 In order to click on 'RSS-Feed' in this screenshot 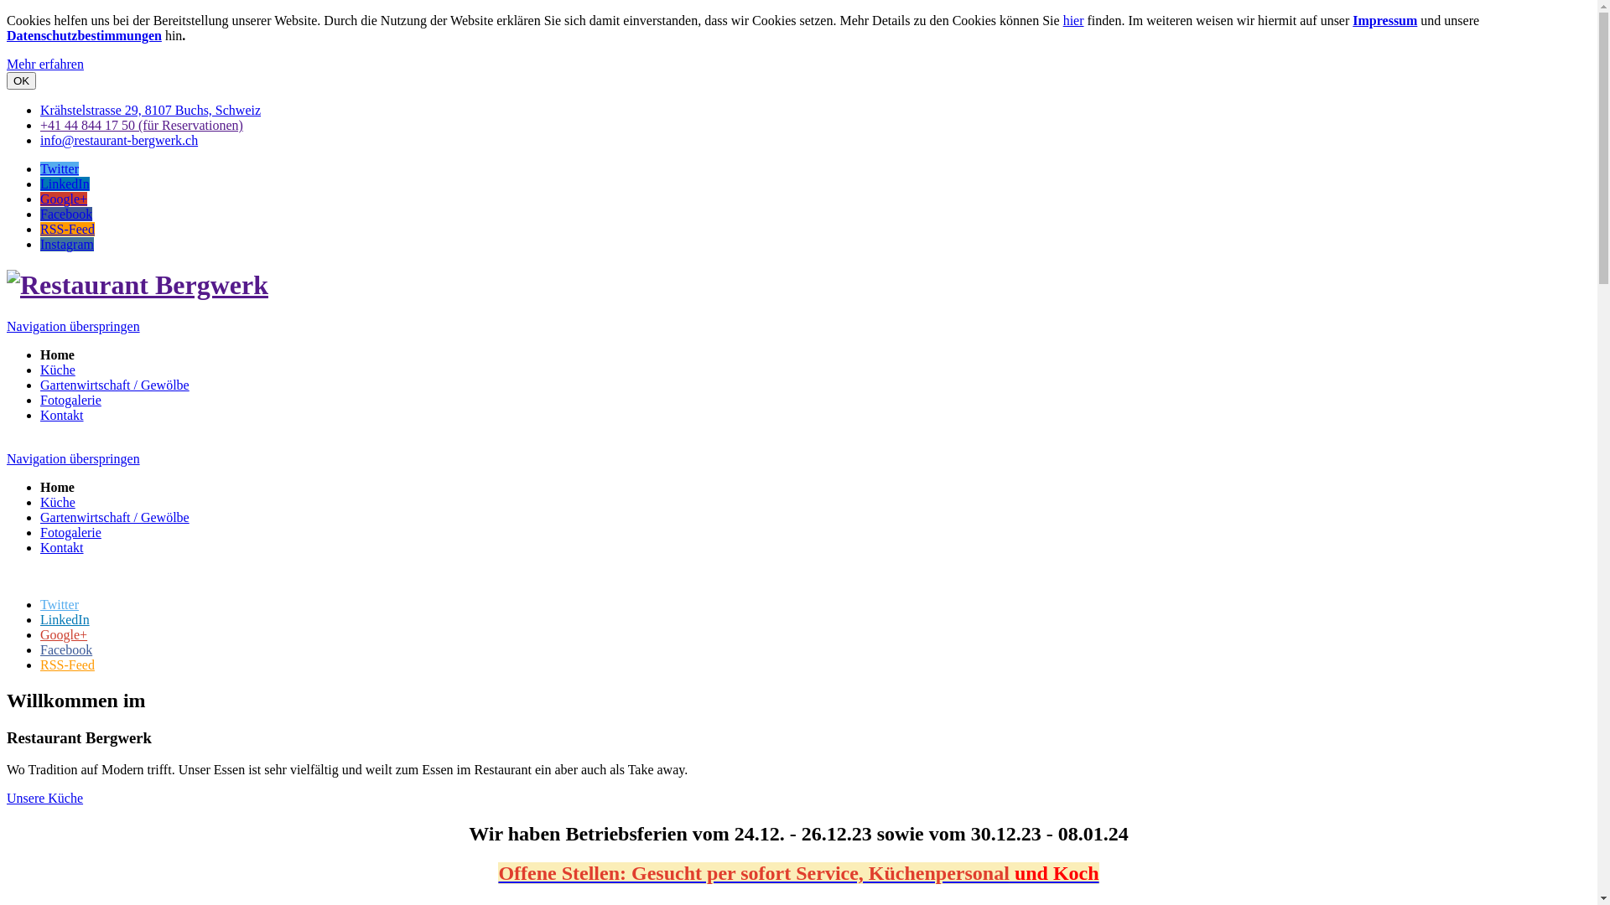, I will do `click(67, 664)`.